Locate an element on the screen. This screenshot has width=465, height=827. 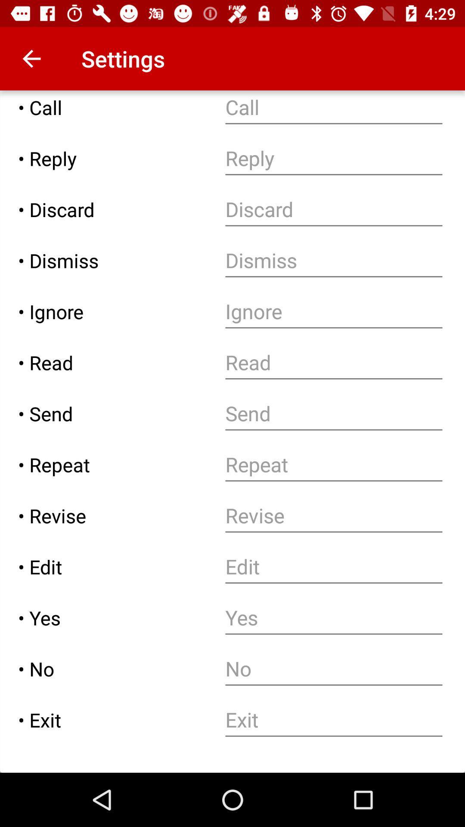
edit text box is located at coordinates (333, 567).